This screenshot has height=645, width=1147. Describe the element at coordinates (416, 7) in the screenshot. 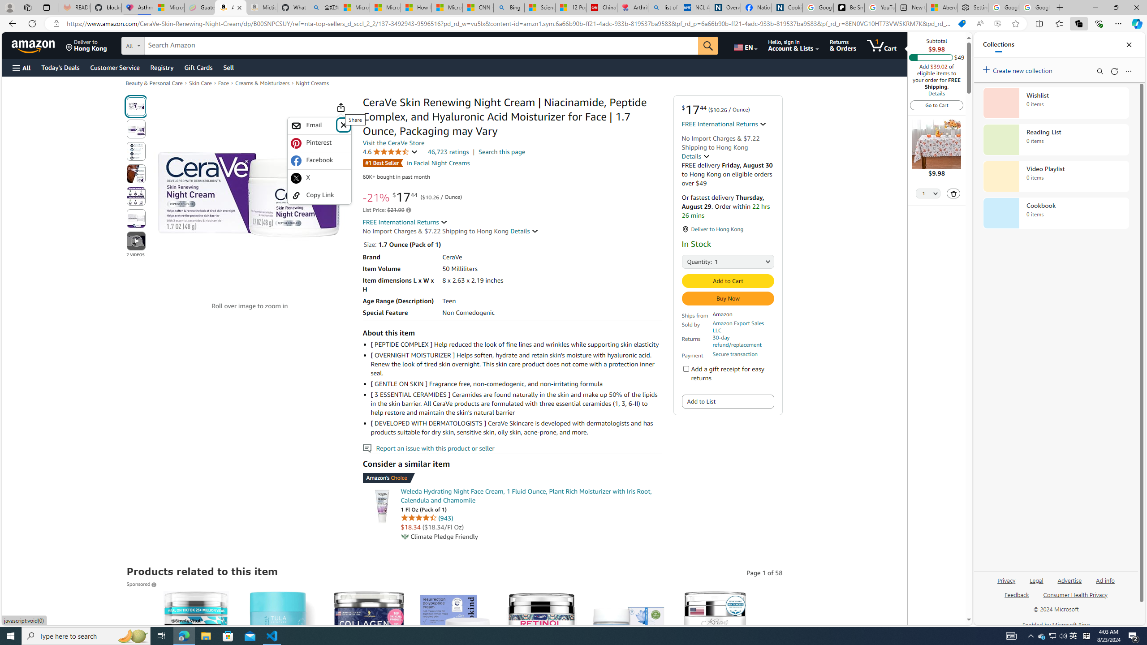

I see `'How I Got Rid of Microsoft Edge'` at that location.